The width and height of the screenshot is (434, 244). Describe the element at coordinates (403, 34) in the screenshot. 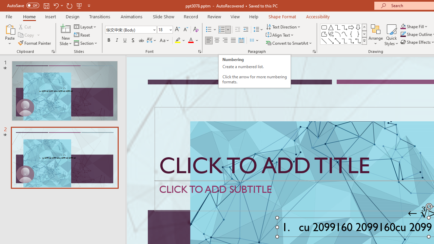

I see `'Shape Outline Green, Accent 1'` at that location.